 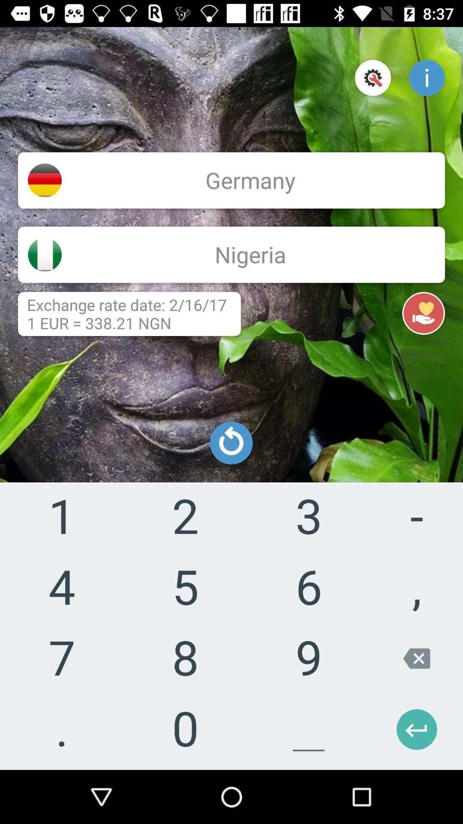 What do you see at coordinates (373, 78) in the screenshot?
I see `the first button on the top right corner of the web page` at bounding box center [373, 78].